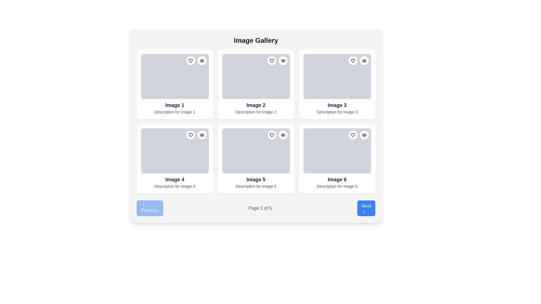 The height and width of the screenshot is (304, 541). Describe the element at coordinates (358, 135) in the screenshot. I see `the heart icon in the top-right corner of the bottom-right image in the gallery grid to mark the image as a favorite` at that location.